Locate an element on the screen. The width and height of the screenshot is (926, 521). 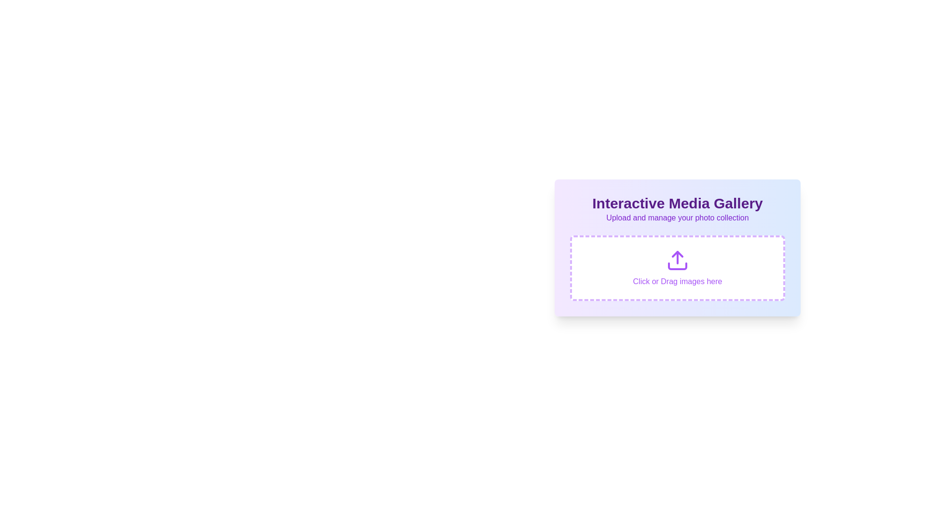
images is located at coordinates (677, 268).